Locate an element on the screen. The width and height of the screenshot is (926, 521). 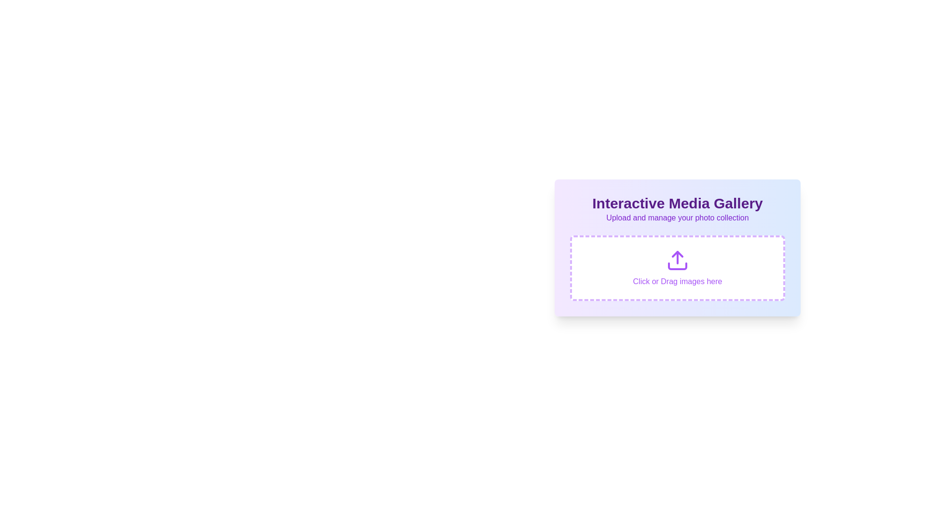
images is located at coordinates (677, 268).